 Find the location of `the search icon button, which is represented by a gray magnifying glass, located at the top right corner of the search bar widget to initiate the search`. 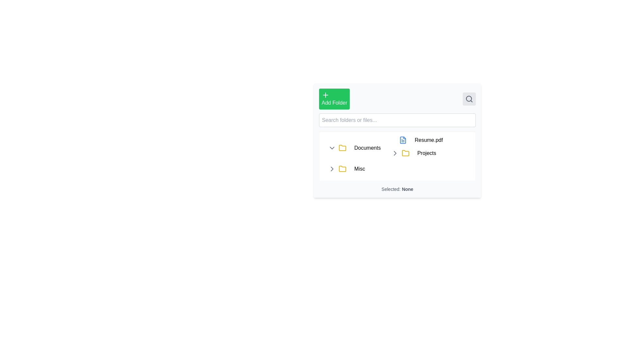

the search icon button, which is represented by a gray magnifying glass, located at the top right corner of the search bar widget to initiate the search is located at coordinates (469, 99).